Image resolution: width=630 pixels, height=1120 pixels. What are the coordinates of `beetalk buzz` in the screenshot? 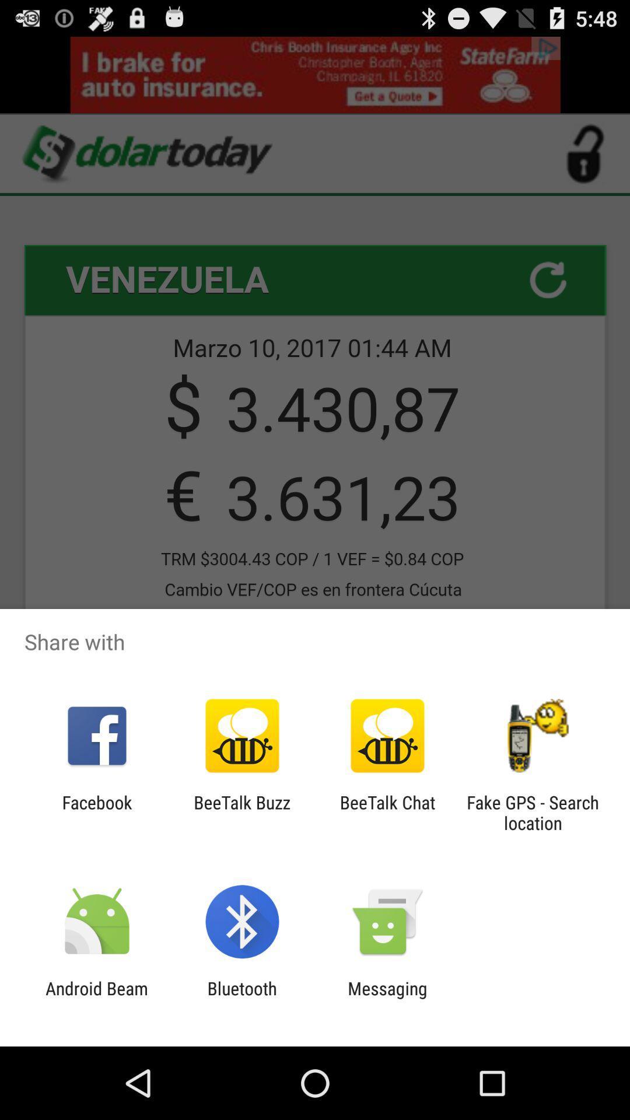 It's located at (242, 812).